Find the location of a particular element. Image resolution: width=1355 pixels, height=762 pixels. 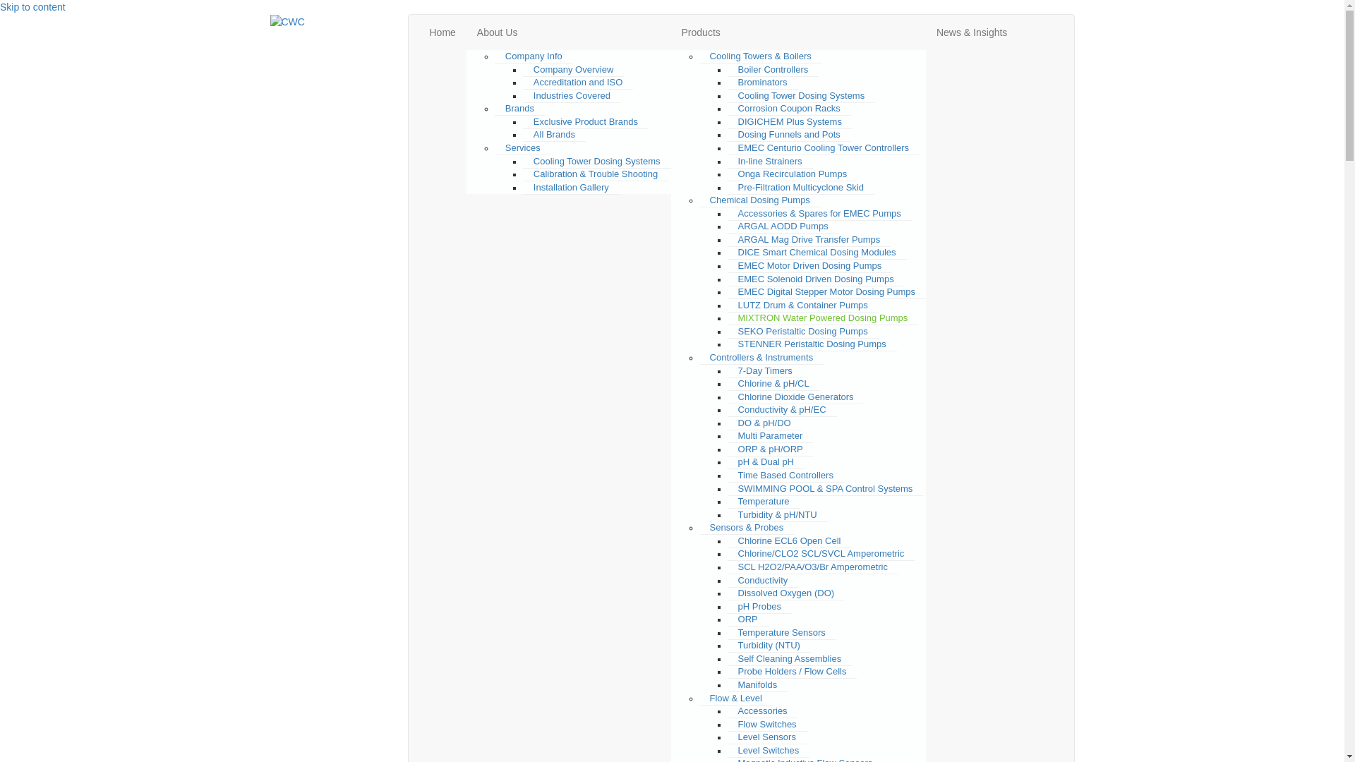

'STENNER Peristaltic Dosing Pumps' is located at coordinates (728, 344).